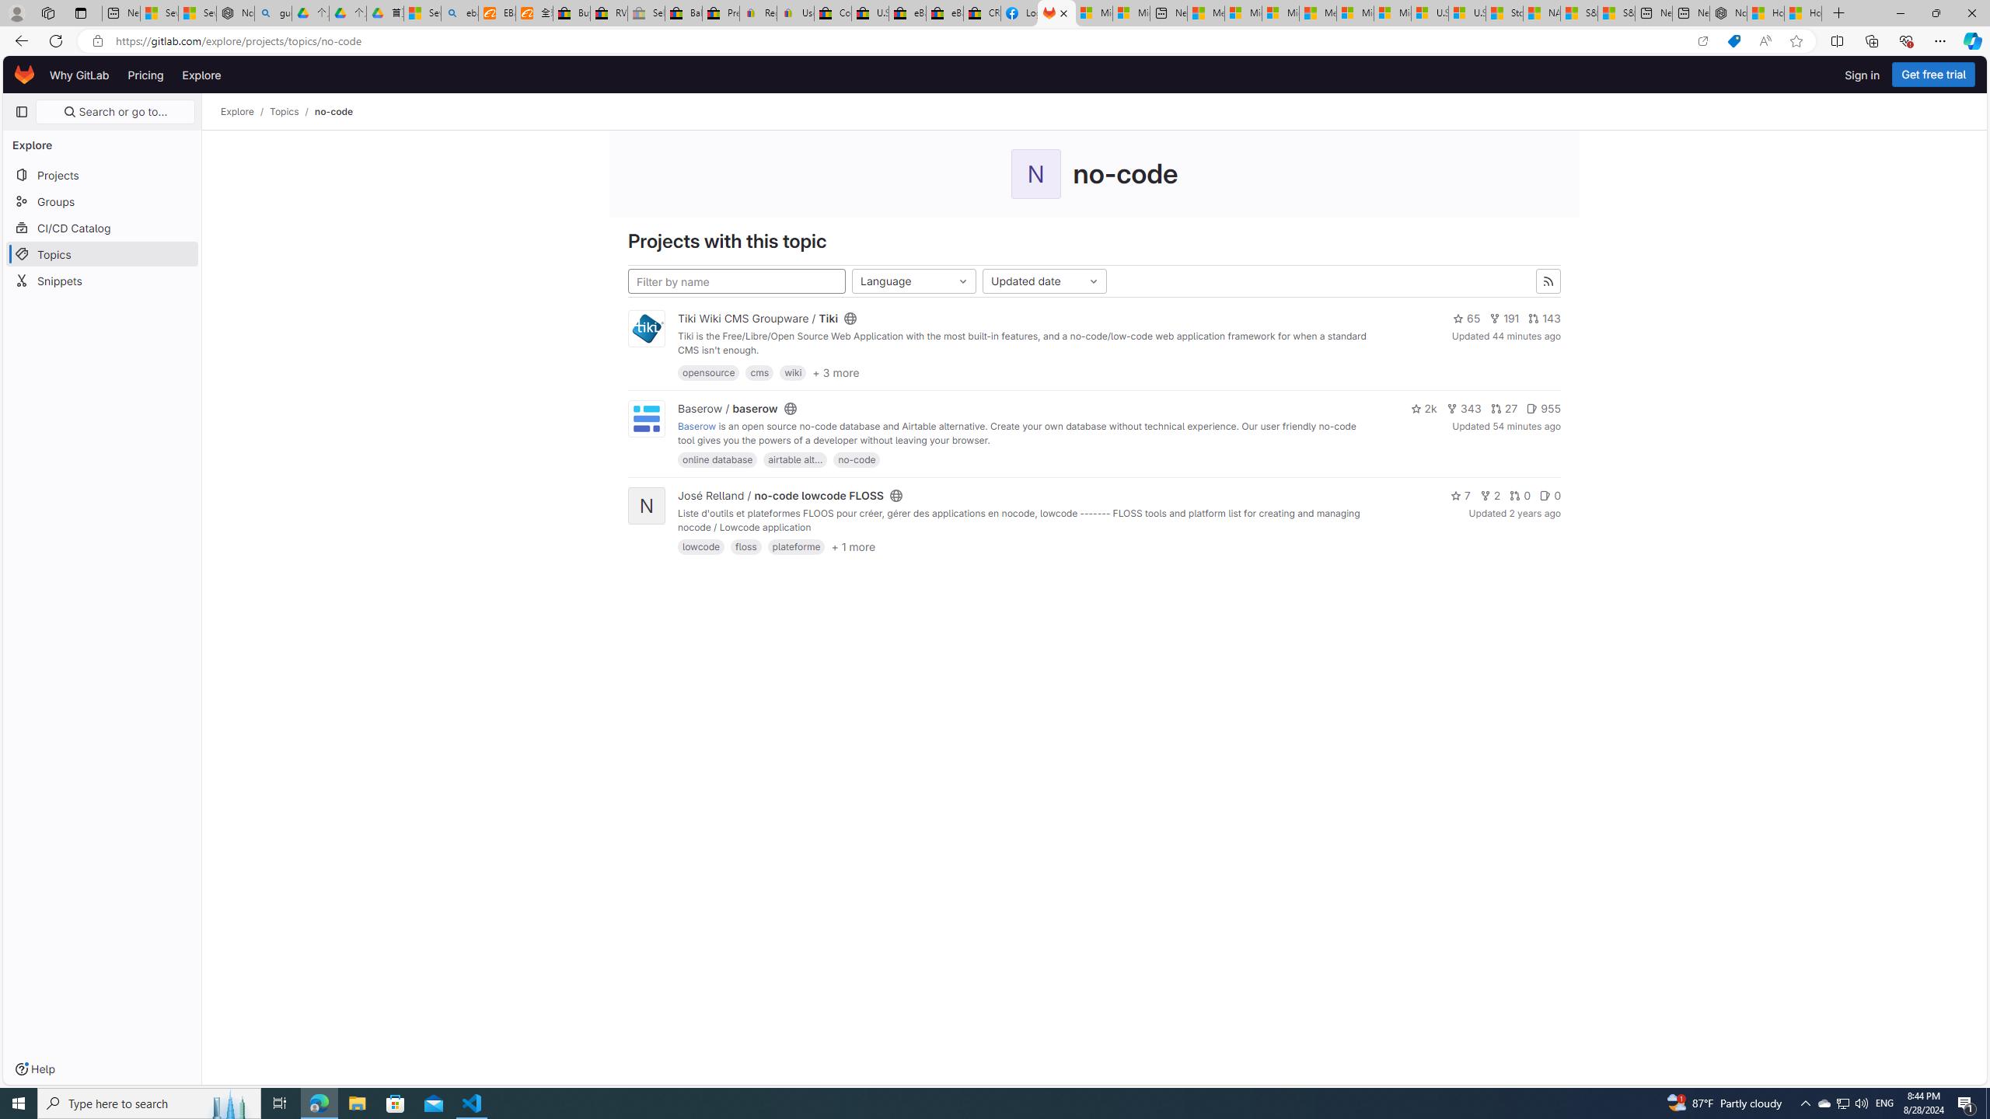 Image resolution: width=1990 pixels, height=1119 pixels. What do you see at coordinates (101, 280) in the screenshot?
I see `'Snippets'` at bounding box center [101, 280].